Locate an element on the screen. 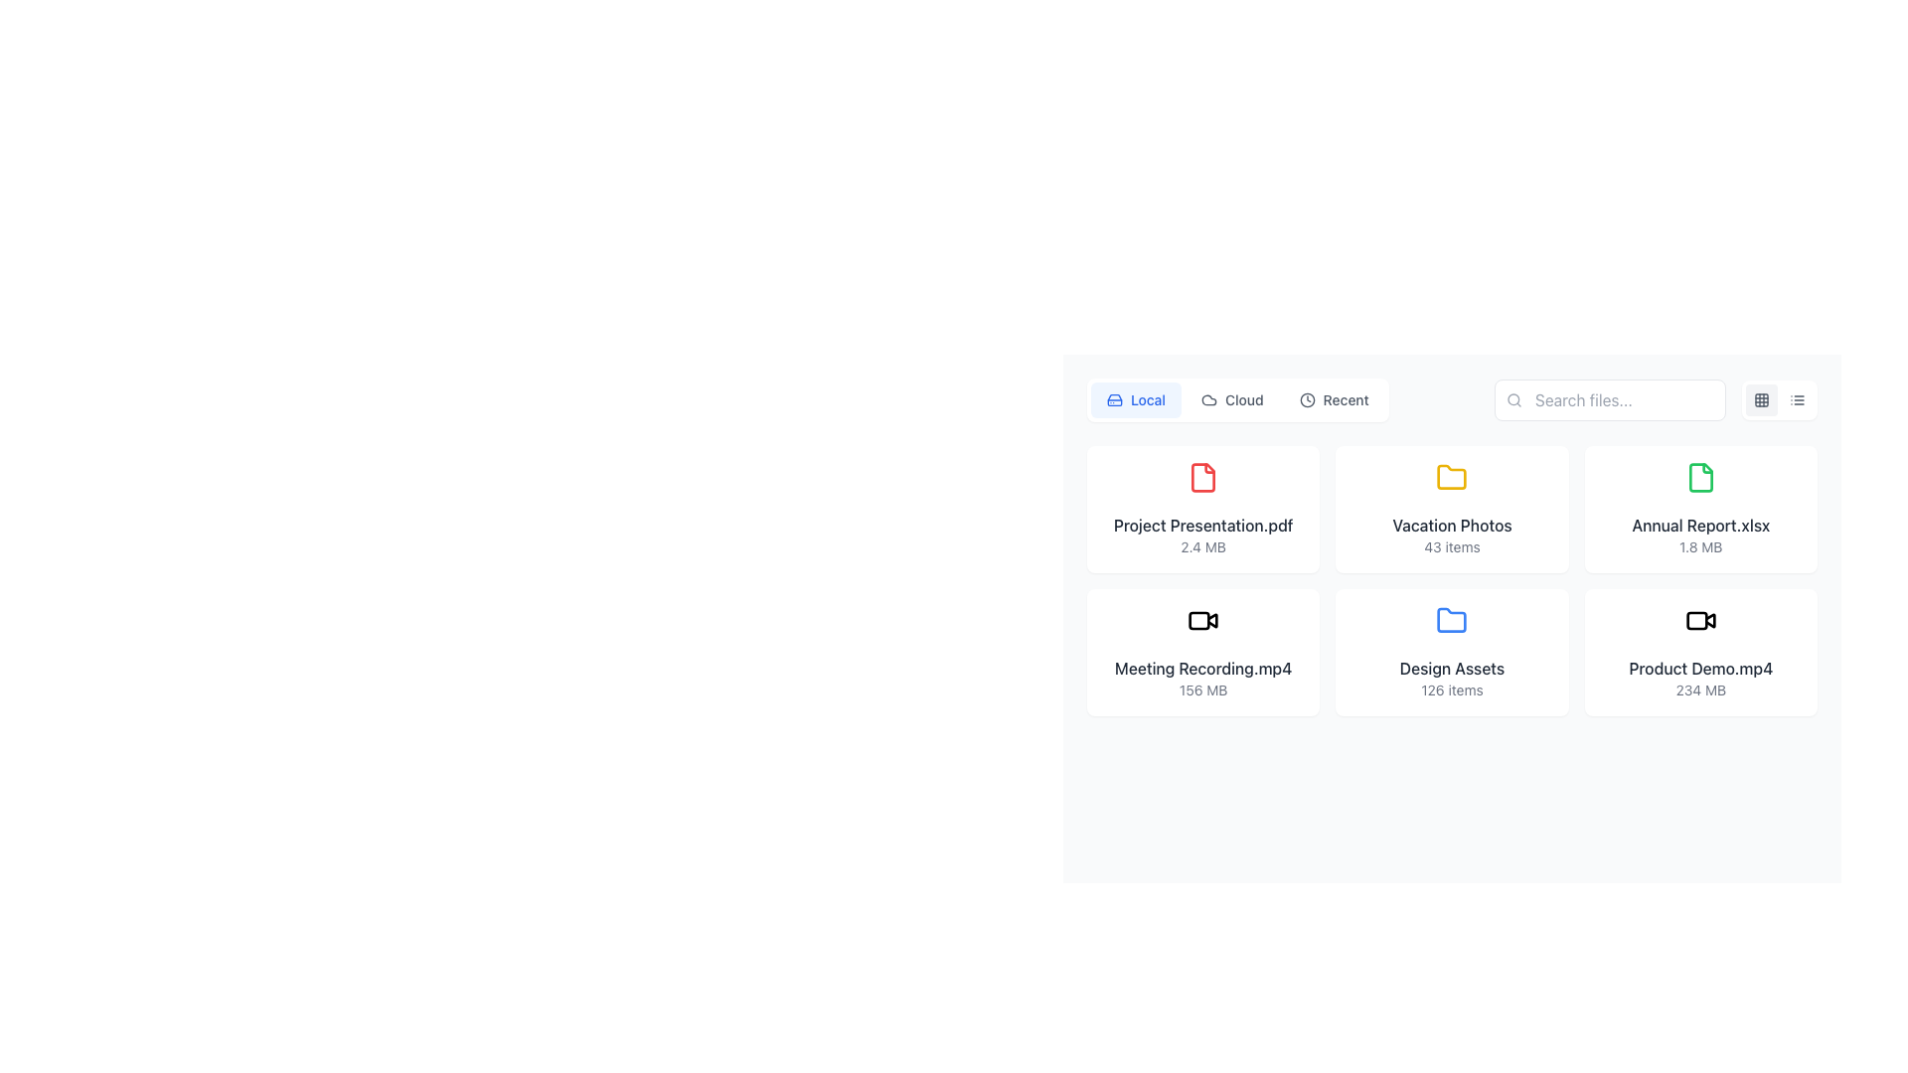  the grid icon located at the top-right corner of the interface to change the layout view of items is located at coordinates (1761, 399).